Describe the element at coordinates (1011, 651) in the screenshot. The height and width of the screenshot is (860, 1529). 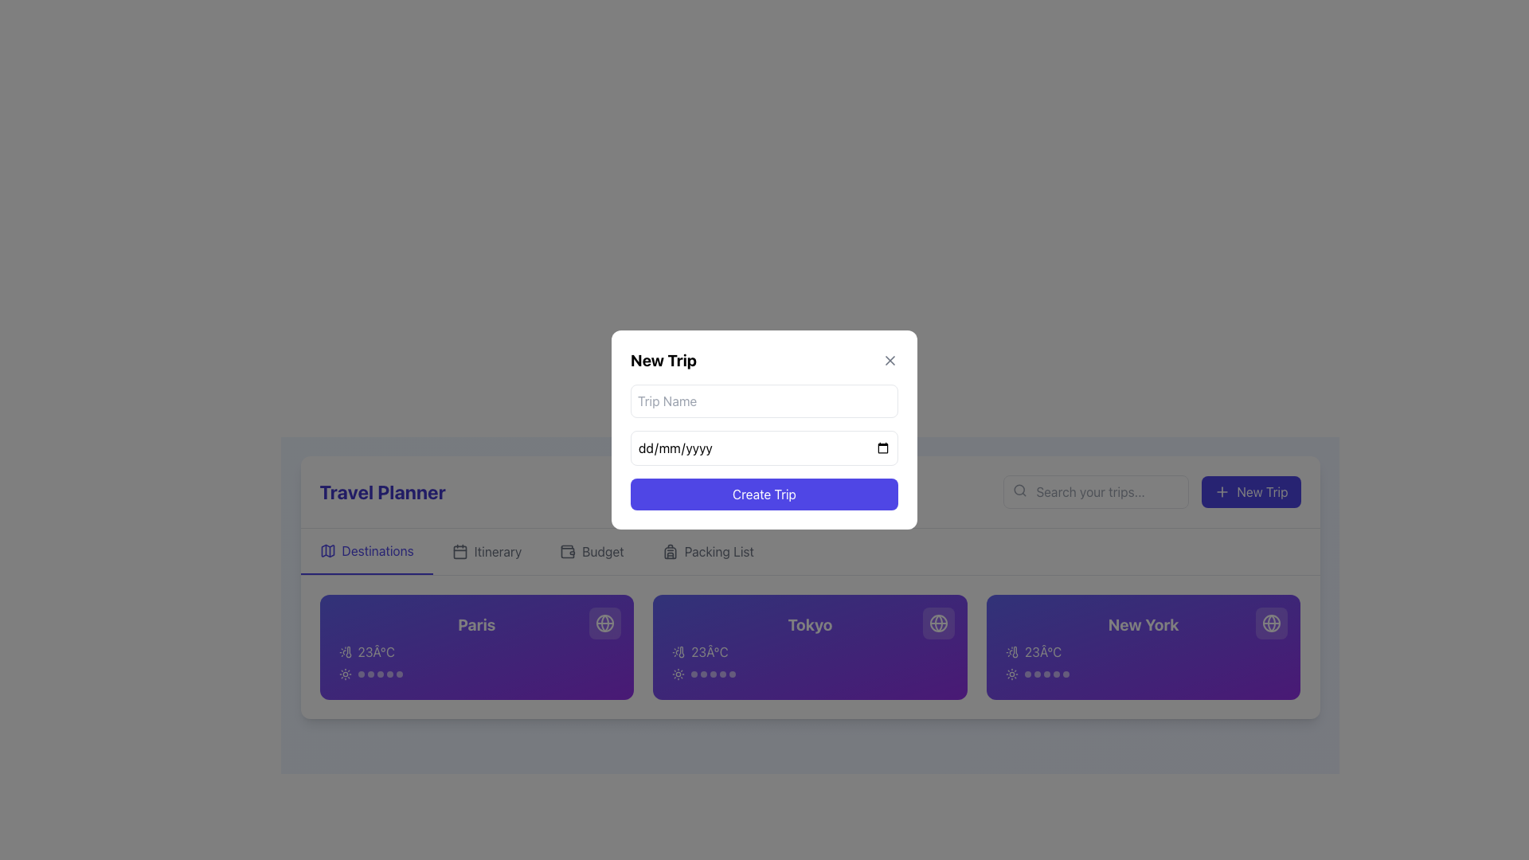
I see `the weather icon located on the left side of the '23°C' text in the New York card` at that location.